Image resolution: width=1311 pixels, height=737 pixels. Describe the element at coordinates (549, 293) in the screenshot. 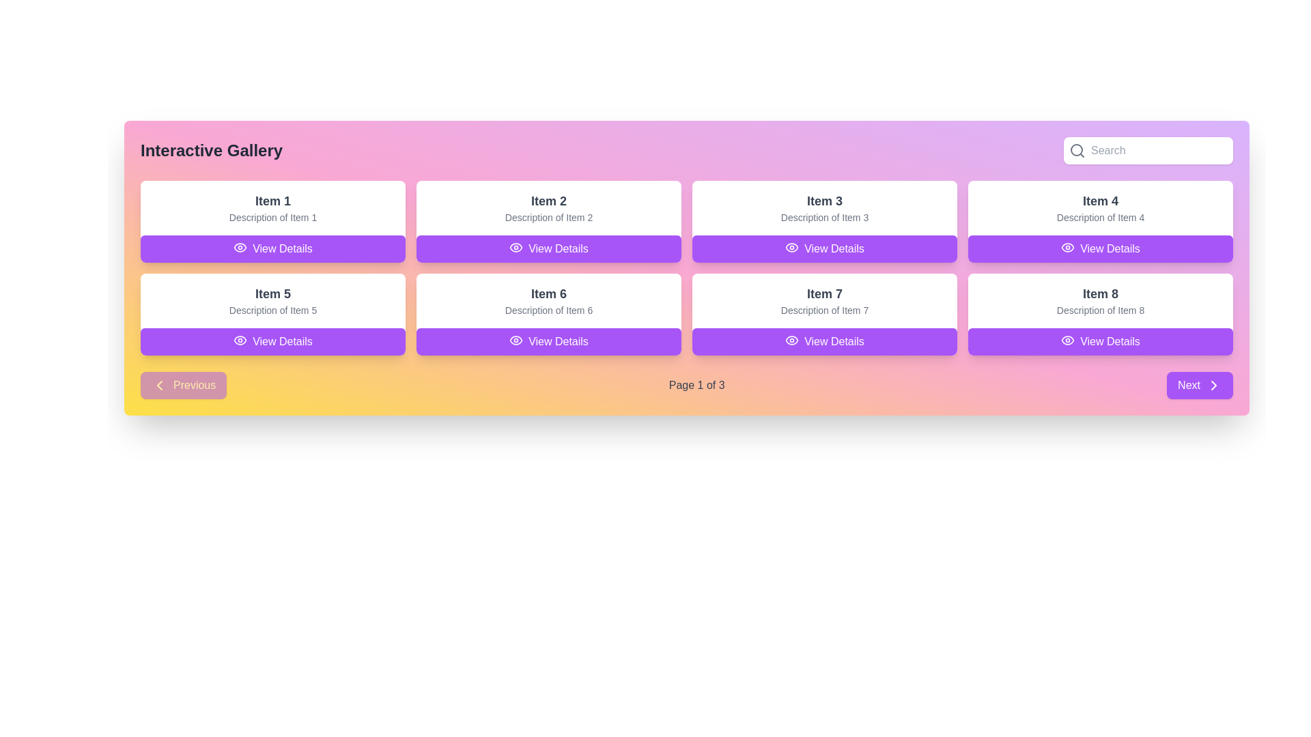

I see `the text label that serves as the title for 'Item 6', which is centrally located in the second row and third column of the grid arrangement` at that location.